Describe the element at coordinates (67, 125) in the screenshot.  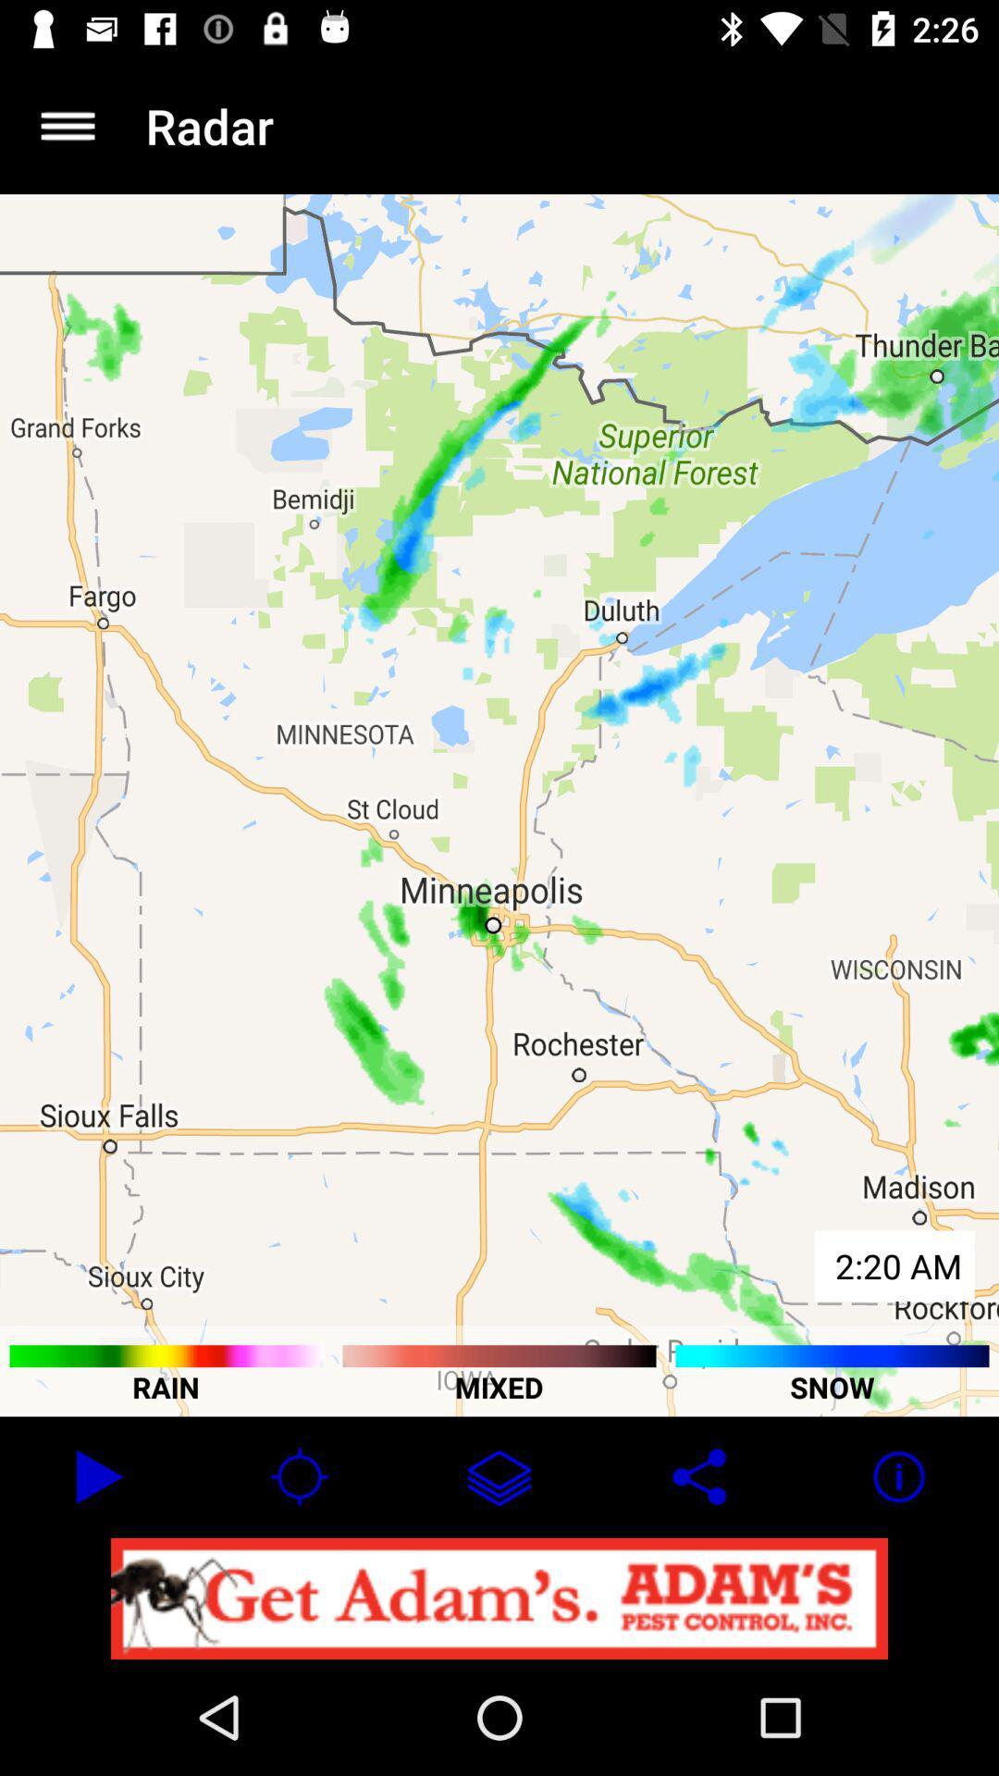
I see `open options menu` at that location.